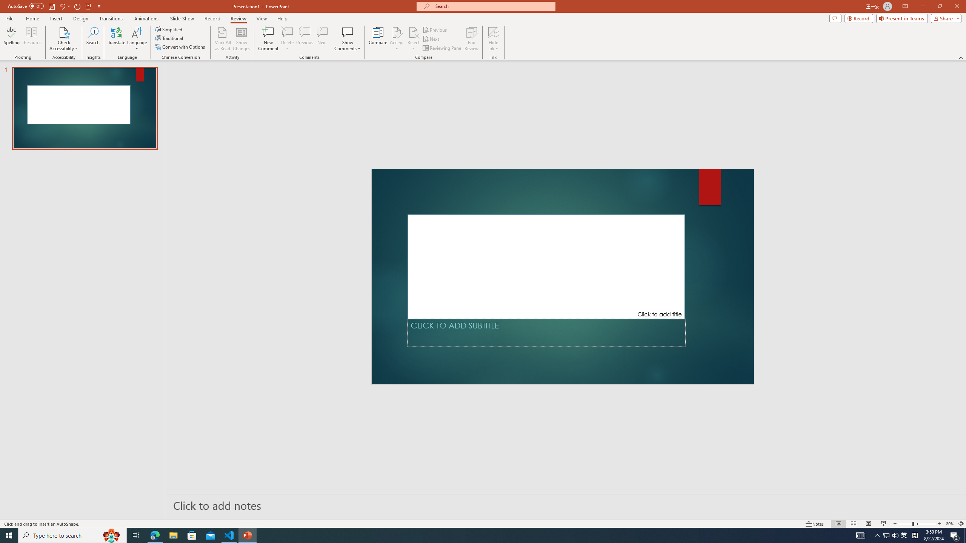  What do you see at coordinates (348, 32) in the screenshot?
I see `'Show Comments'` at bounding box center [348, 32].